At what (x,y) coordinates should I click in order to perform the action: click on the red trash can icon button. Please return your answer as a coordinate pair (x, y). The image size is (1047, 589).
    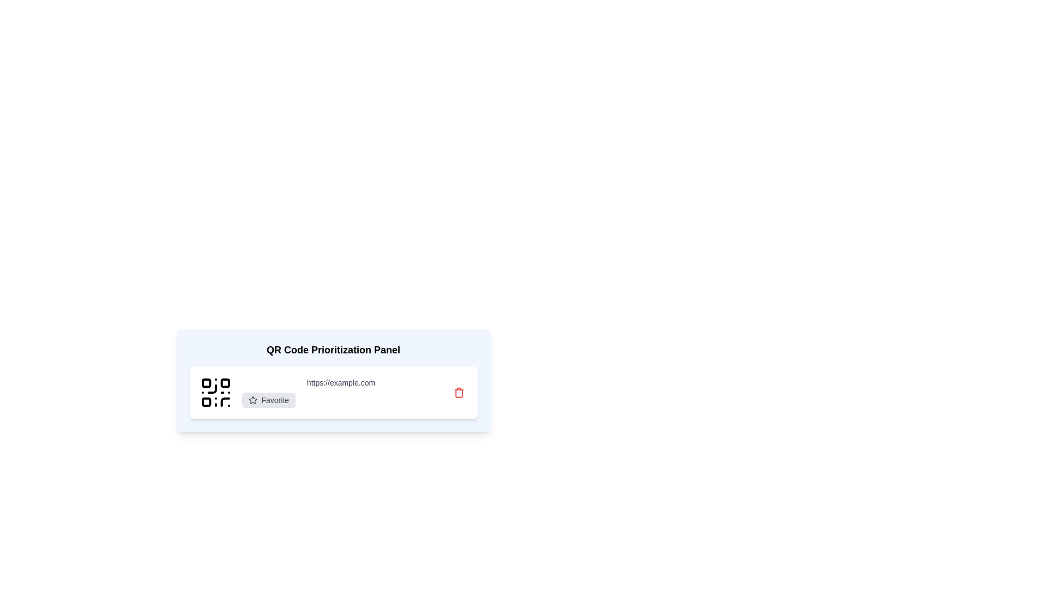
    Looking at the image, I should click on (459, 393).